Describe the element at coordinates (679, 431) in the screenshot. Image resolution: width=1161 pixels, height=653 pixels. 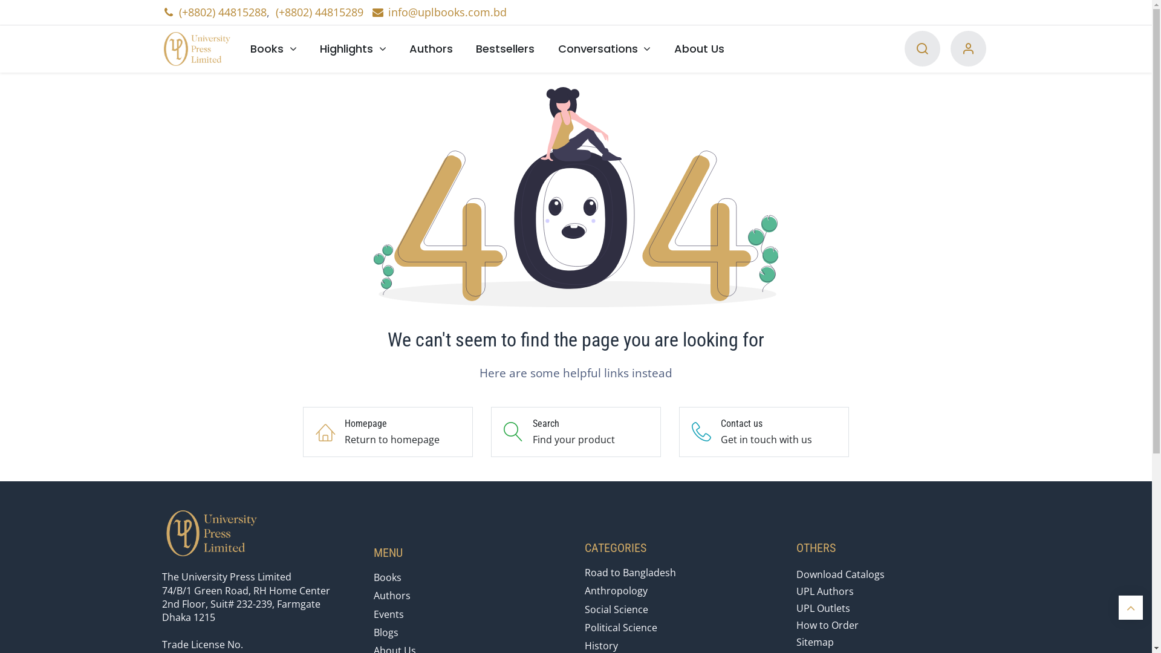
I see `'Contact us` at that location.